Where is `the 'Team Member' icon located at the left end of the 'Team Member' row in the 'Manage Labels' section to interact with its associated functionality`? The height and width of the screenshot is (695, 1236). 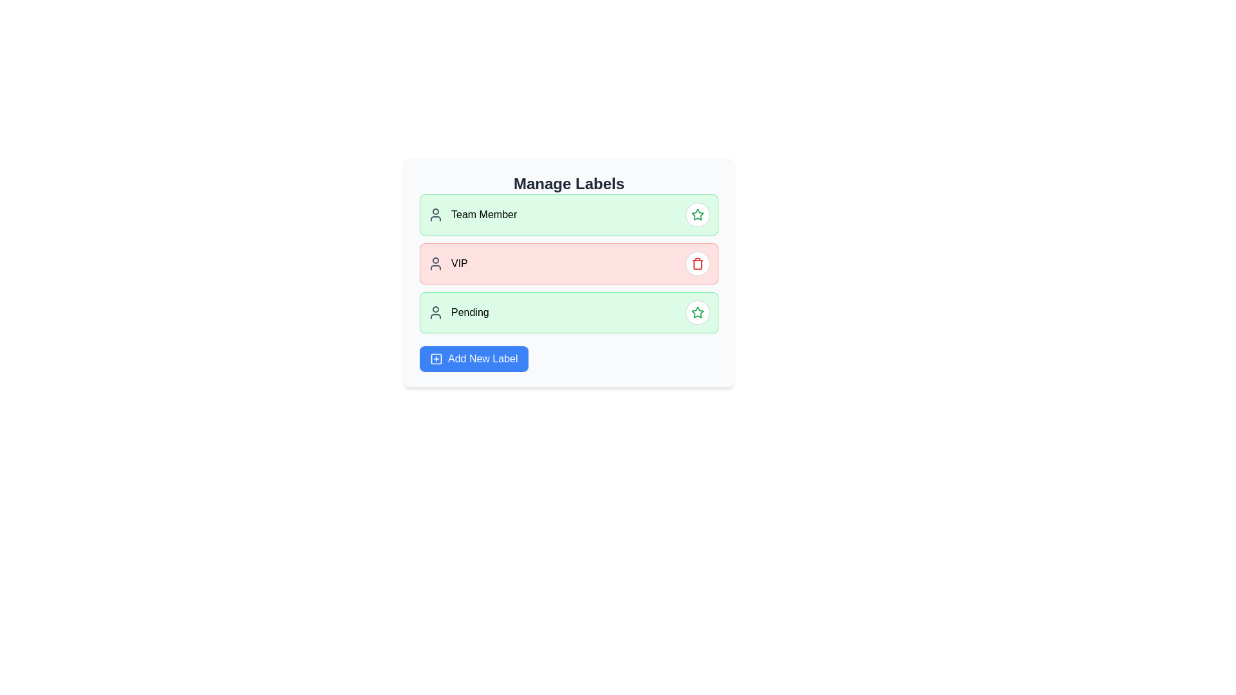
the 'Team Member' icon located at the left end of the 'Team Member' row in the 'Manage Labels' section to interact with its associated functionality is located at coordinates (435, 214).